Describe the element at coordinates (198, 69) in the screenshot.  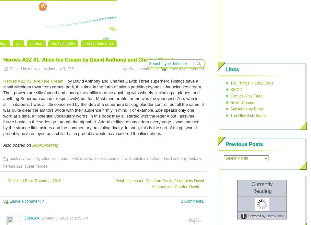
I see `'(2)'` at that location.